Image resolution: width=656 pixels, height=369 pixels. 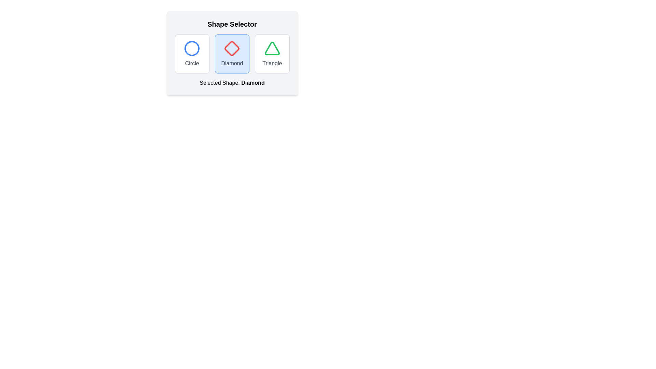 What do you see at coordinates (272, 48) in the screenshot?
I see `the button containing the triangular icon with a green outline` at bounding box center [272, 48].